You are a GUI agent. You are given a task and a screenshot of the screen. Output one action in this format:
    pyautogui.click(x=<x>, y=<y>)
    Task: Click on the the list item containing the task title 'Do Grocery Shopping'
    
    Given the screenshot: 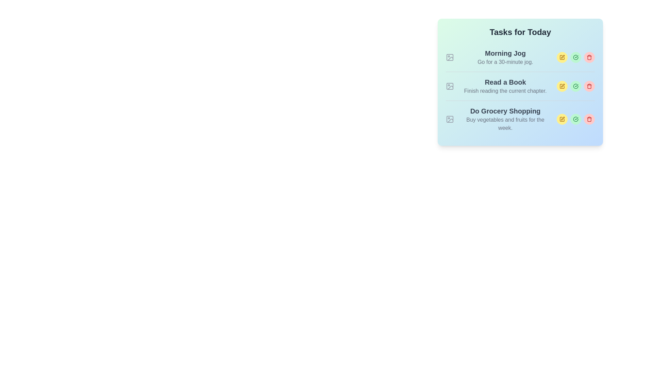 What is the action you would take?
    pyautogui.click(x=520, y=119)
    